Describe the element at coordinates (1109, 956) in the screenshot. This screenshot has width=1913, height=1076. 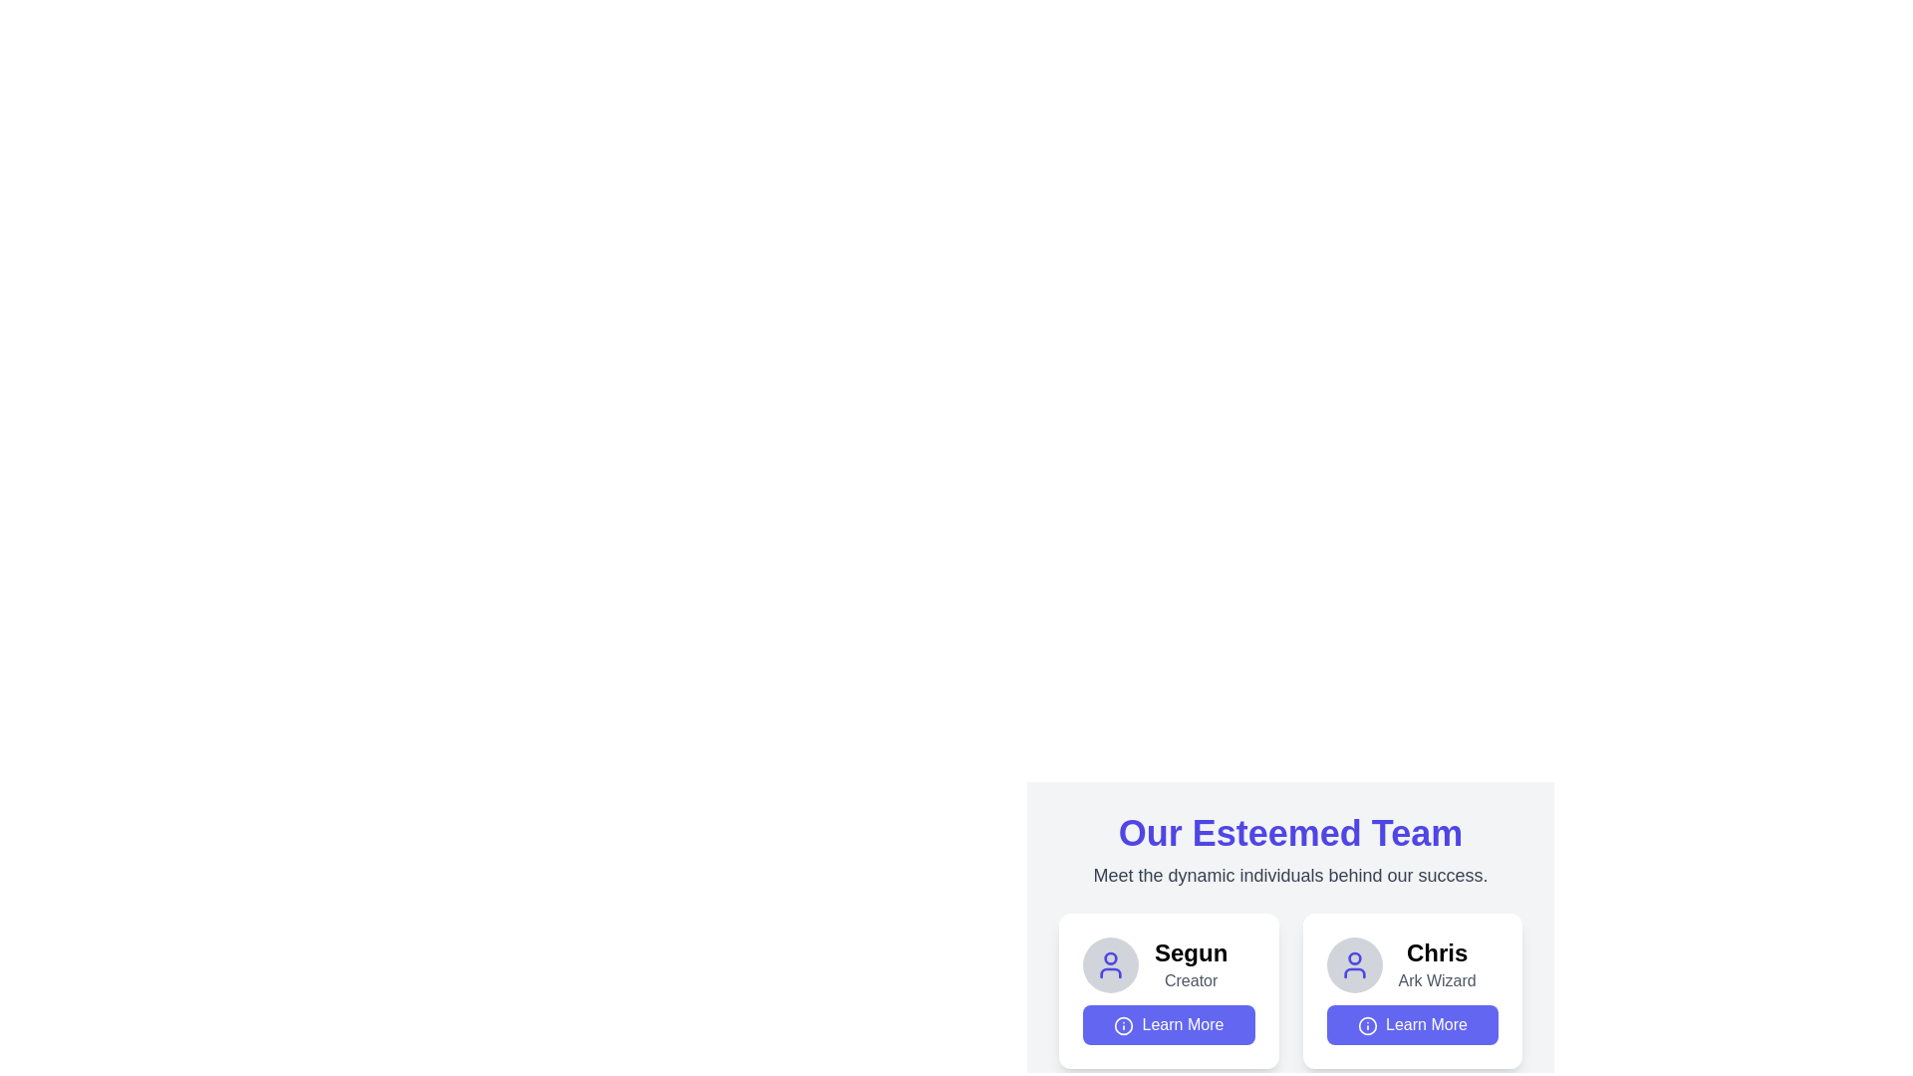
I see `the top part of the user icon representing Segun within the 'Our Esteemed Team' section` at that location.